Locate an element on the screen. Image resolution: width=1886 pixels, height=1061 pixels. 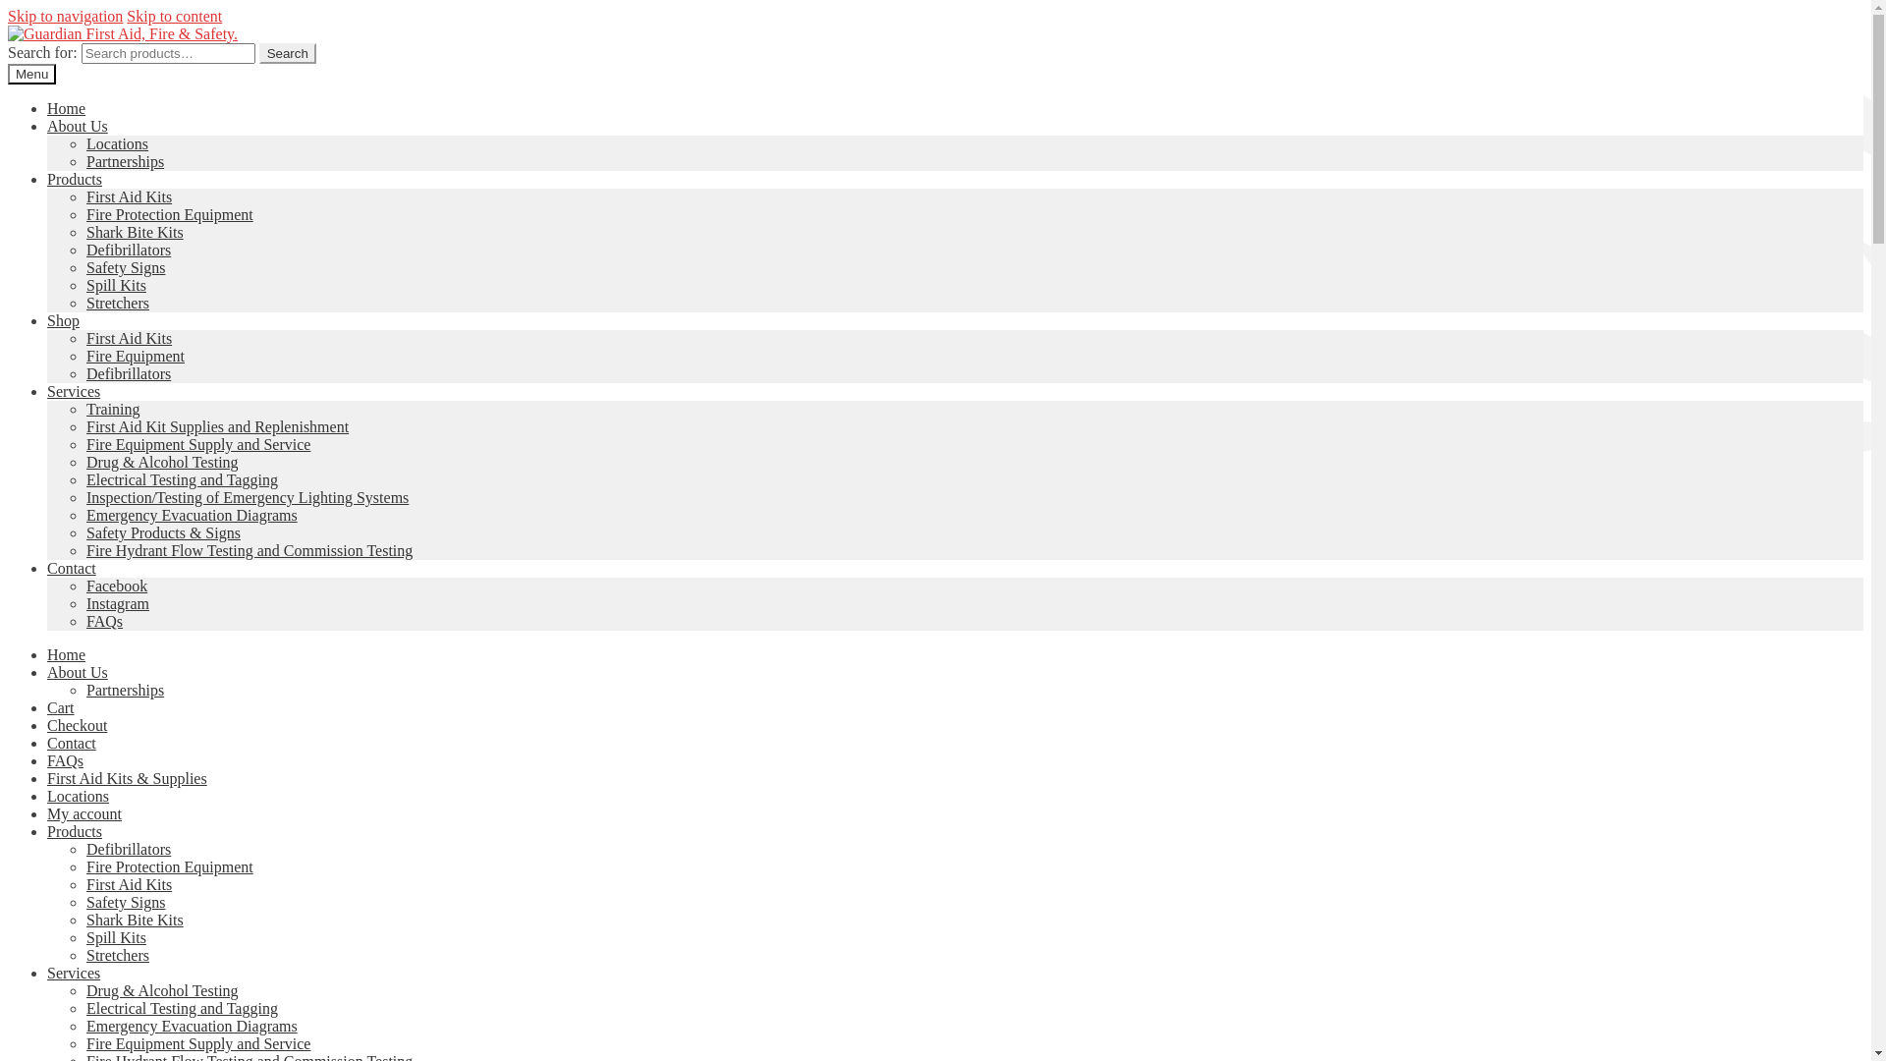
'Products' is located at coordinates (47, 831).